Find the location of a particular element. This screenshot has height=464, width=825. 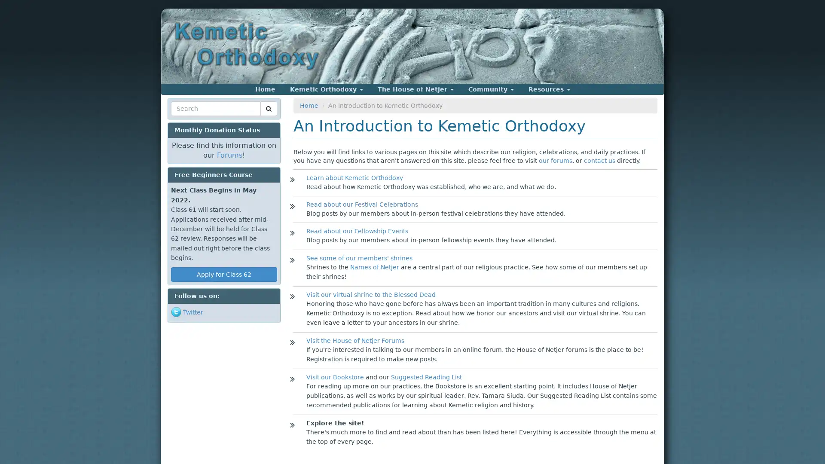

Search is located at coordinates (187, 119).